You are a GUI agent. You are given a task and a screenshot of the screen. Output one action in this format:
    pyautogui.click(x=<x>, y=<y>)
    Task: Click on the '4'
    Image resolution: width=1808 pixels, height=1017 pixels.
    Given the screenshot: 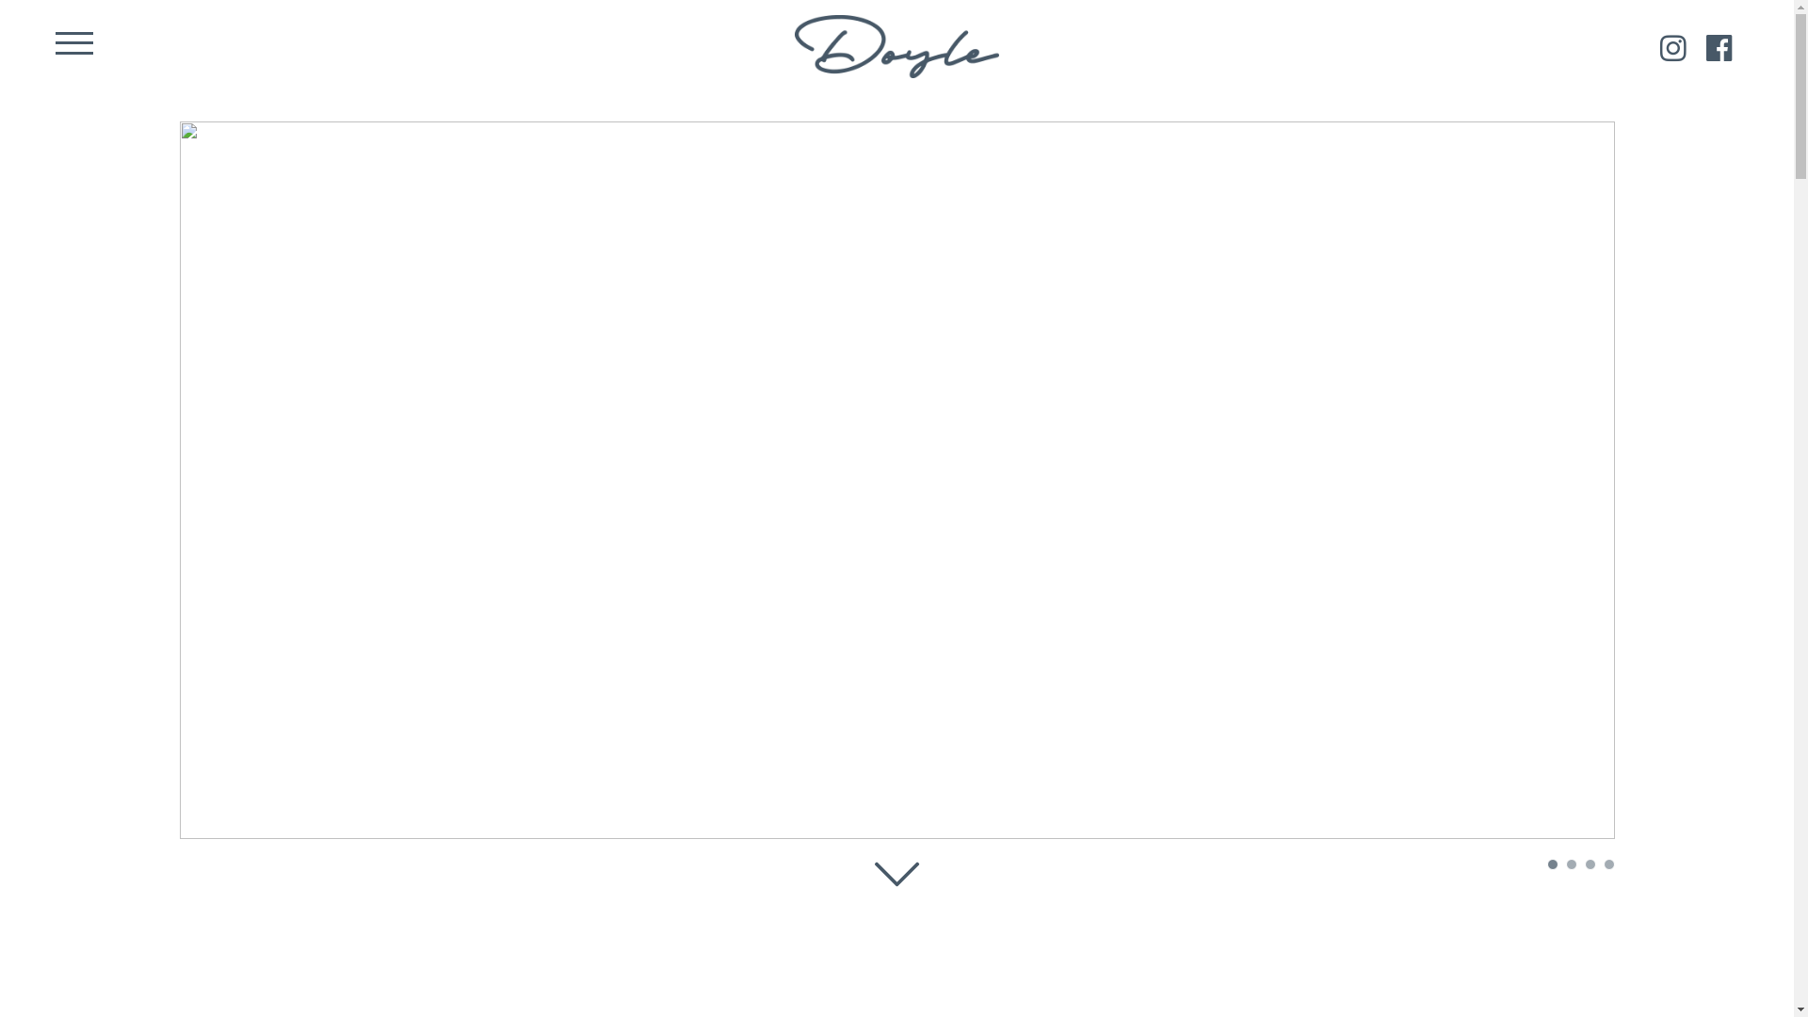 What is the action you would take?
    pyautogui.click(x=1604, y=864)
    